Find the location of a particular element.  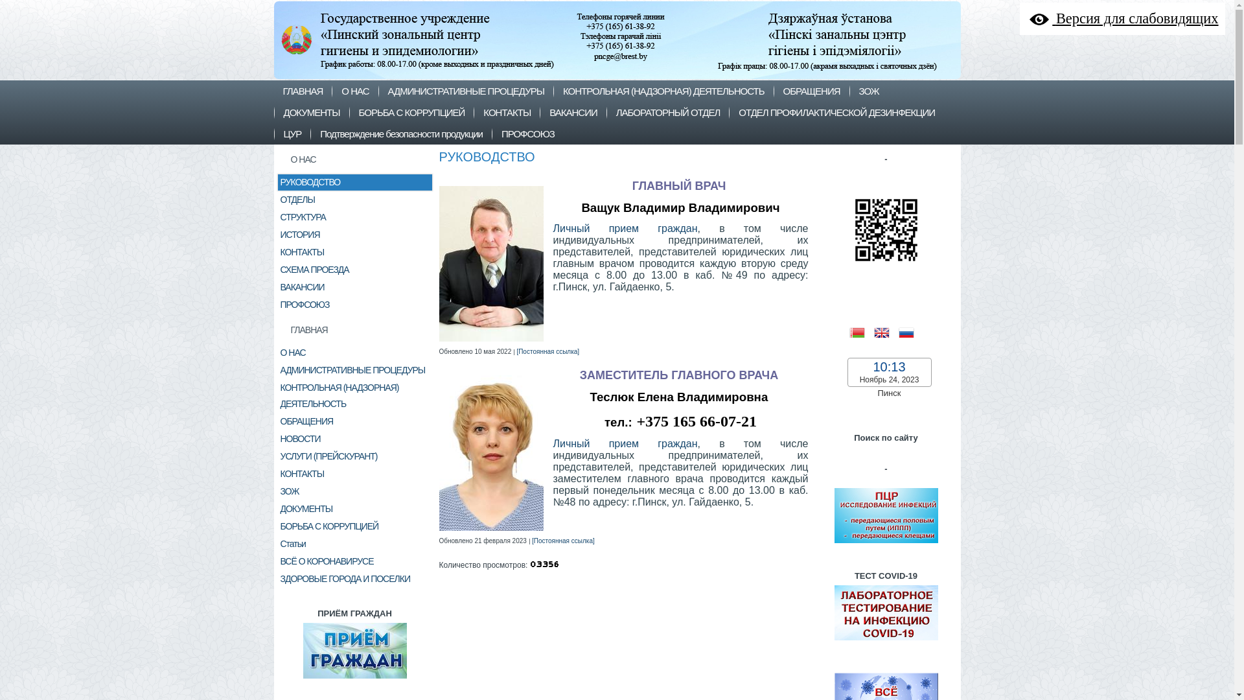

'-' is located at coordinates (885, 544).